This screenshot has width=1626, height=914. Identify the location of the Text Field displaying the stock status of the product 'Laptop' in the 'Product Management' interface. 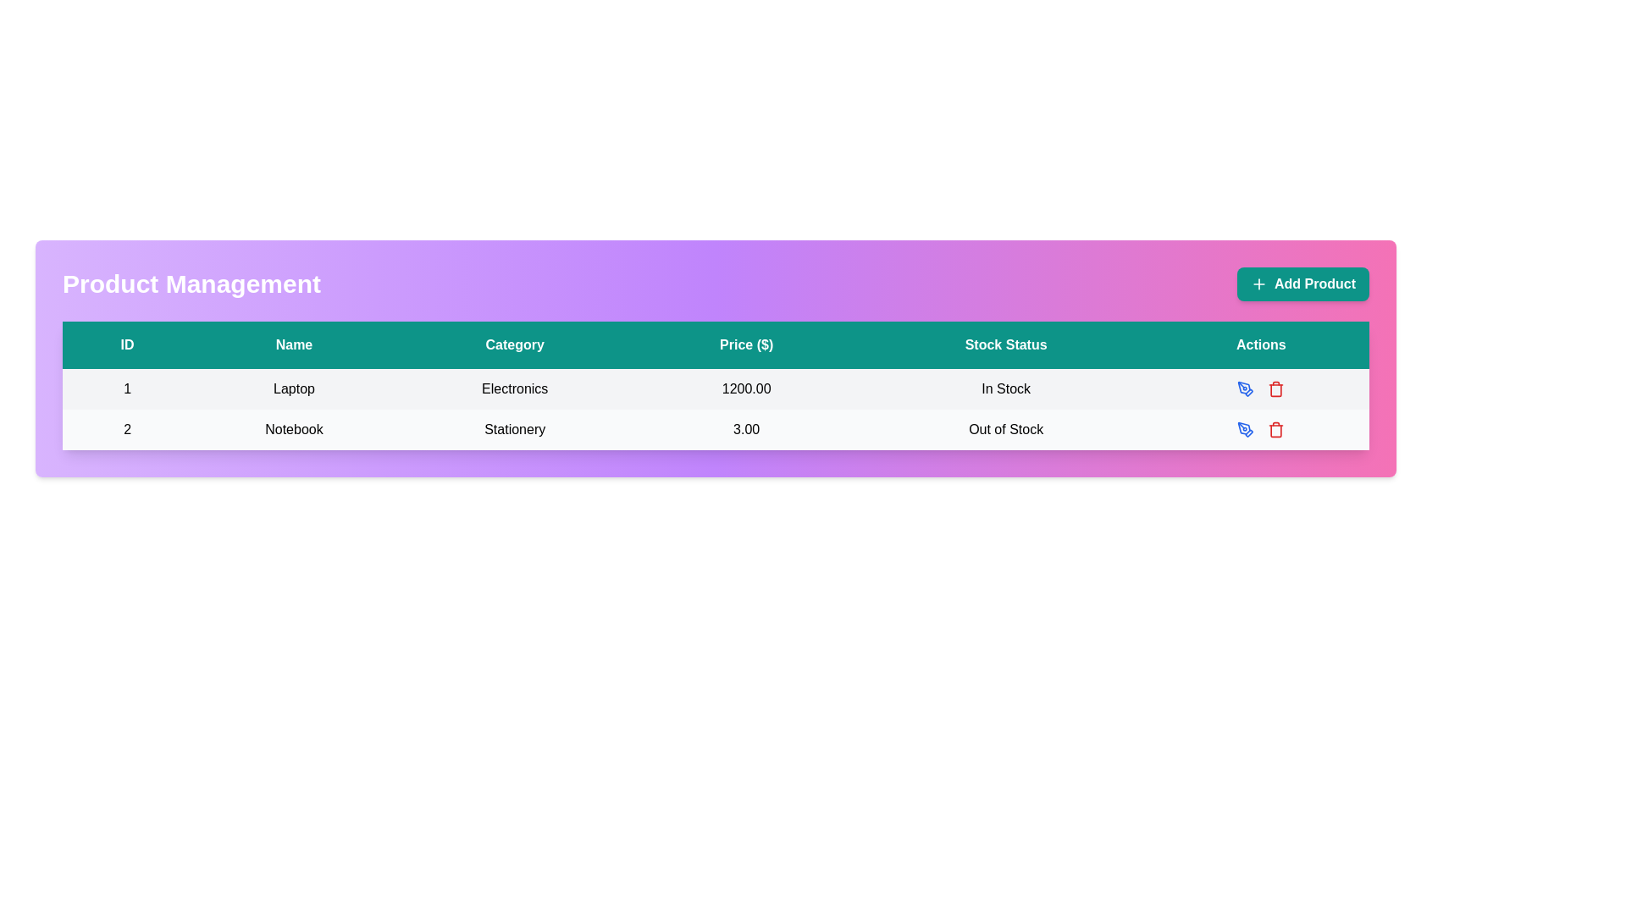
(1006, 388).